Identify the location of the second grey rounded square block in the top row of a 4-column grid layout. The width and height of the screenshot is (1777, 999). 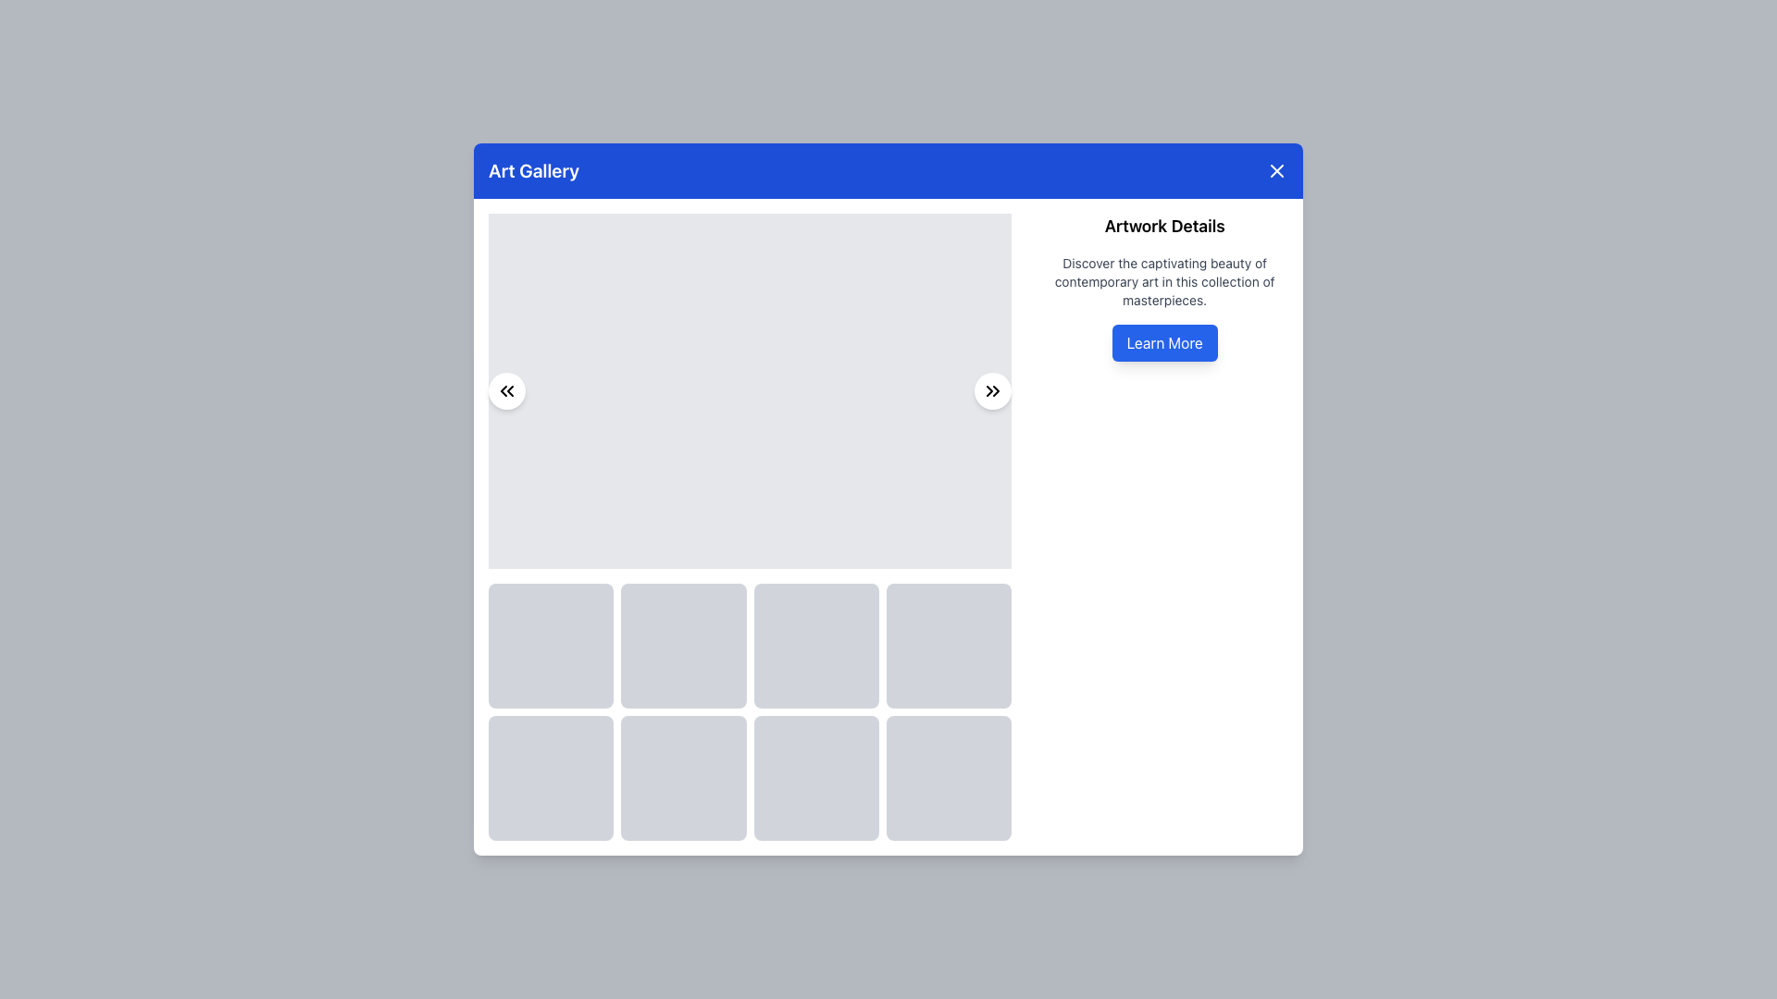
(683, 645).